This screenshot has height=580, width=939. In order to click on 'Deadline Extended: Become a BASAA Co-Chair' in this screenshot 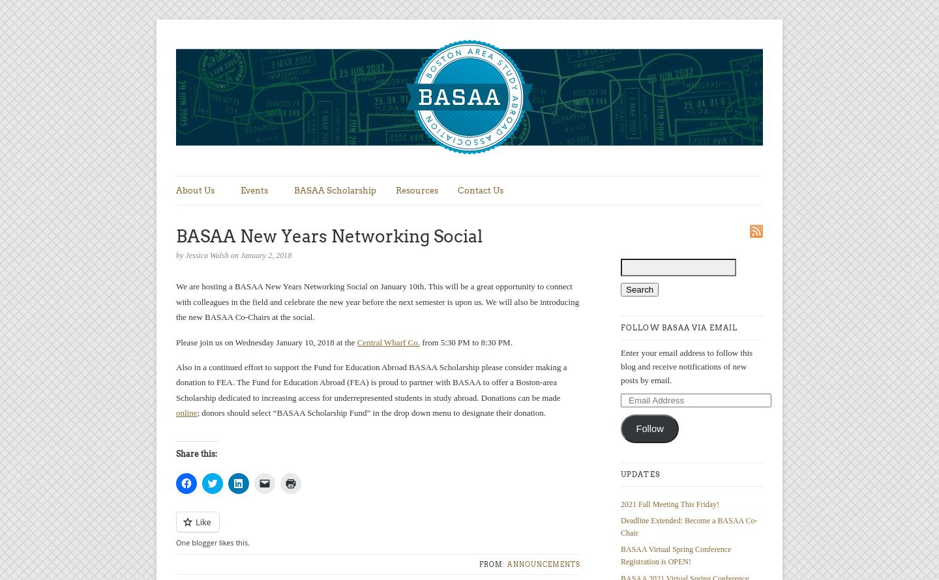, I will do `click(689, 527)`.